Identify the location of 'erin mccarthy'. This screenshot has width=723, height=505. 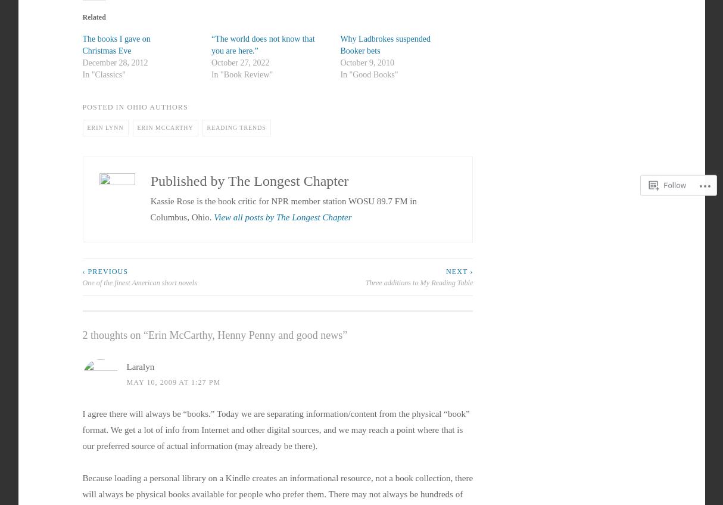
(164, 126).